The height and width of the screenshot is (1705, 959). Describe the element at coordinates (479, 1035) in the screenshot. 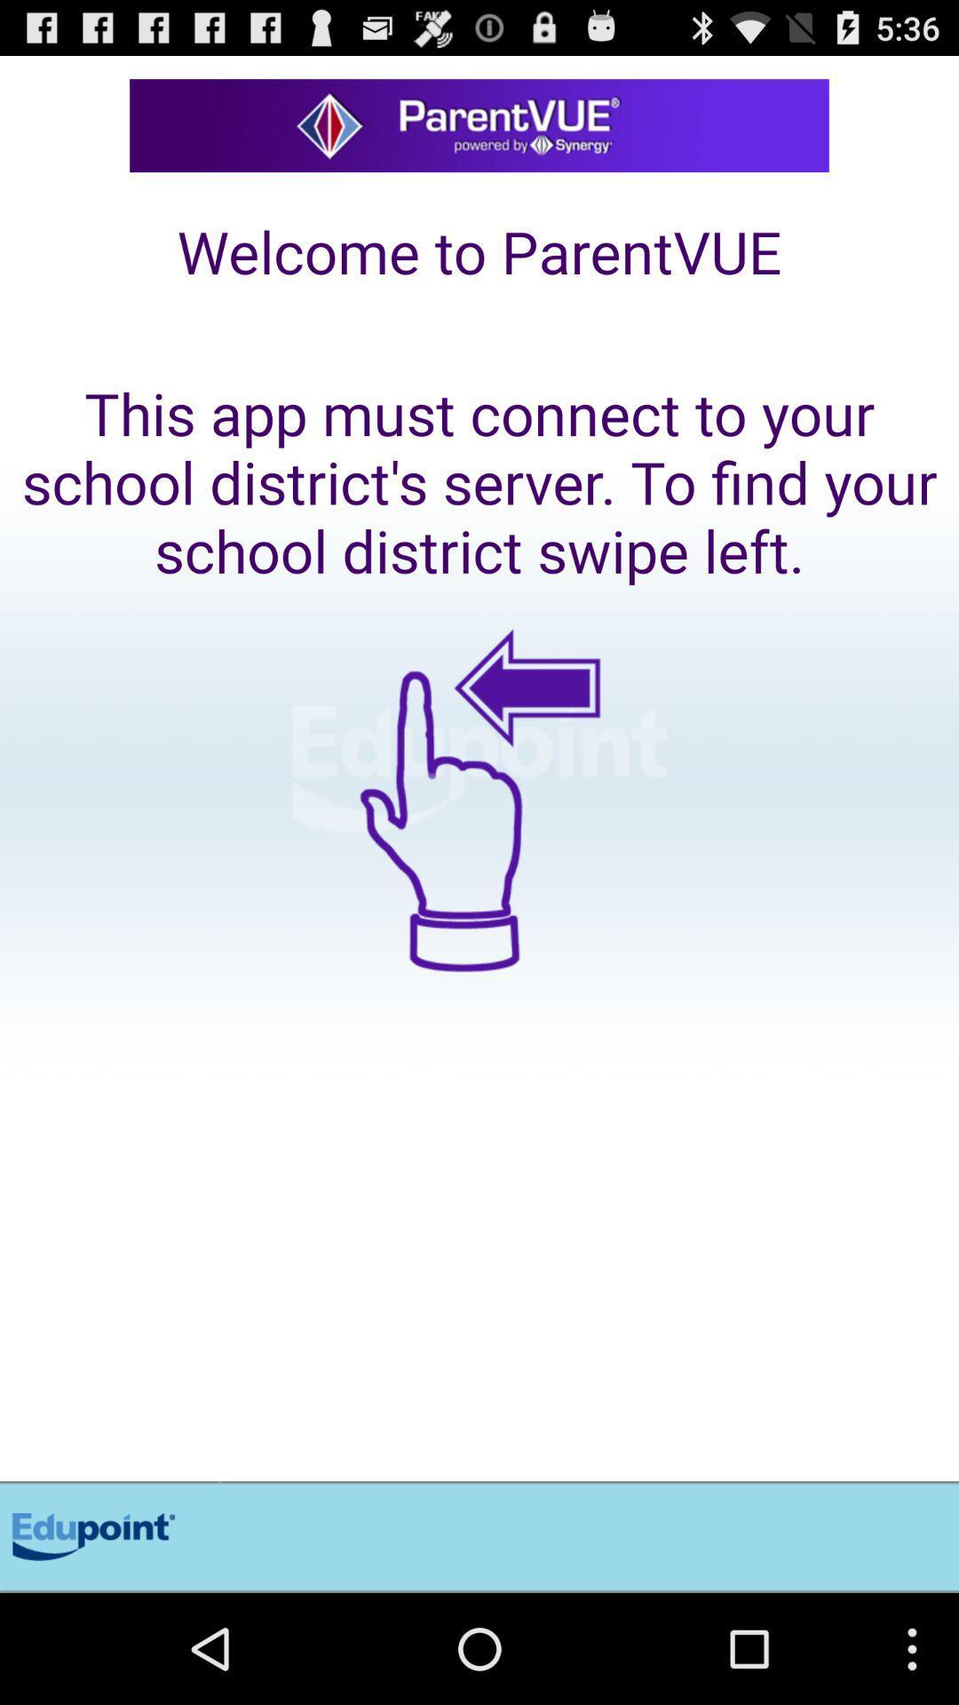

I see `the item below this app must item` at that location.